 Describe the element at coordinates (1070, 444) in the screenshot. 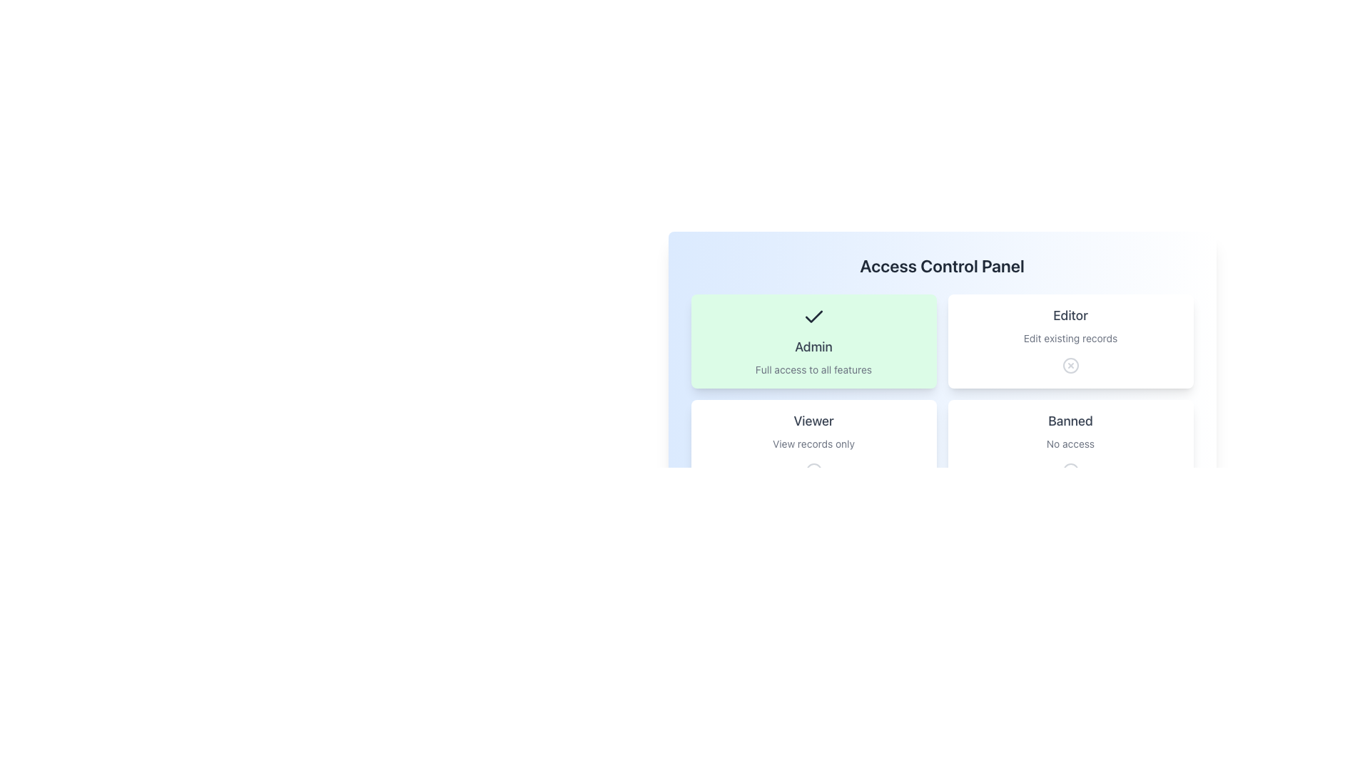

I see `the access control card that indicates the user has no access, located in the lower-right corner of the grid layout` at that location.